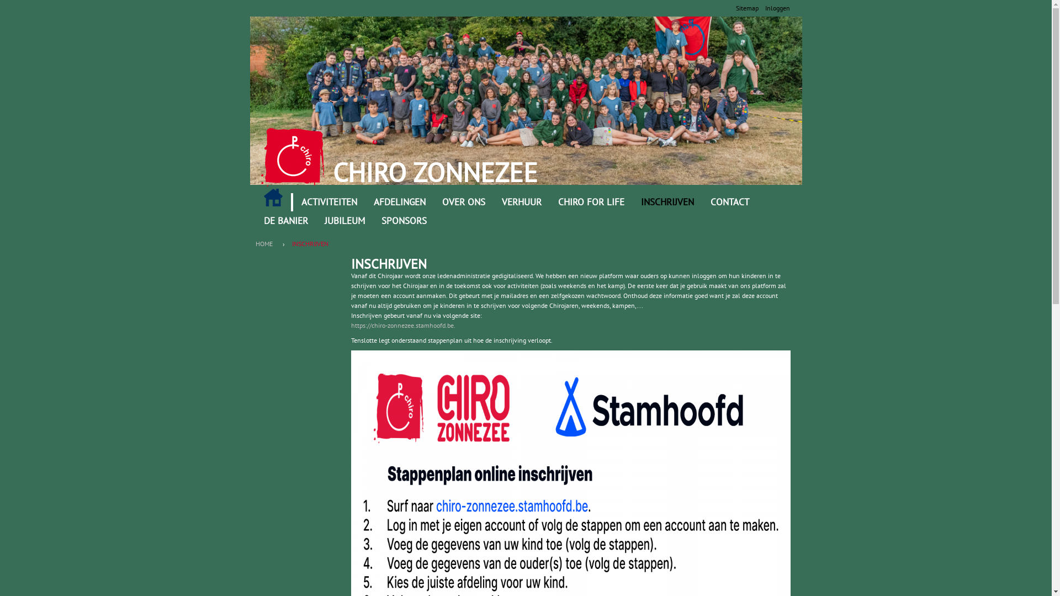  Describe the element at coordinates (399, 202) in the screenshot. I see `'AFDELINGEN'` at that location.